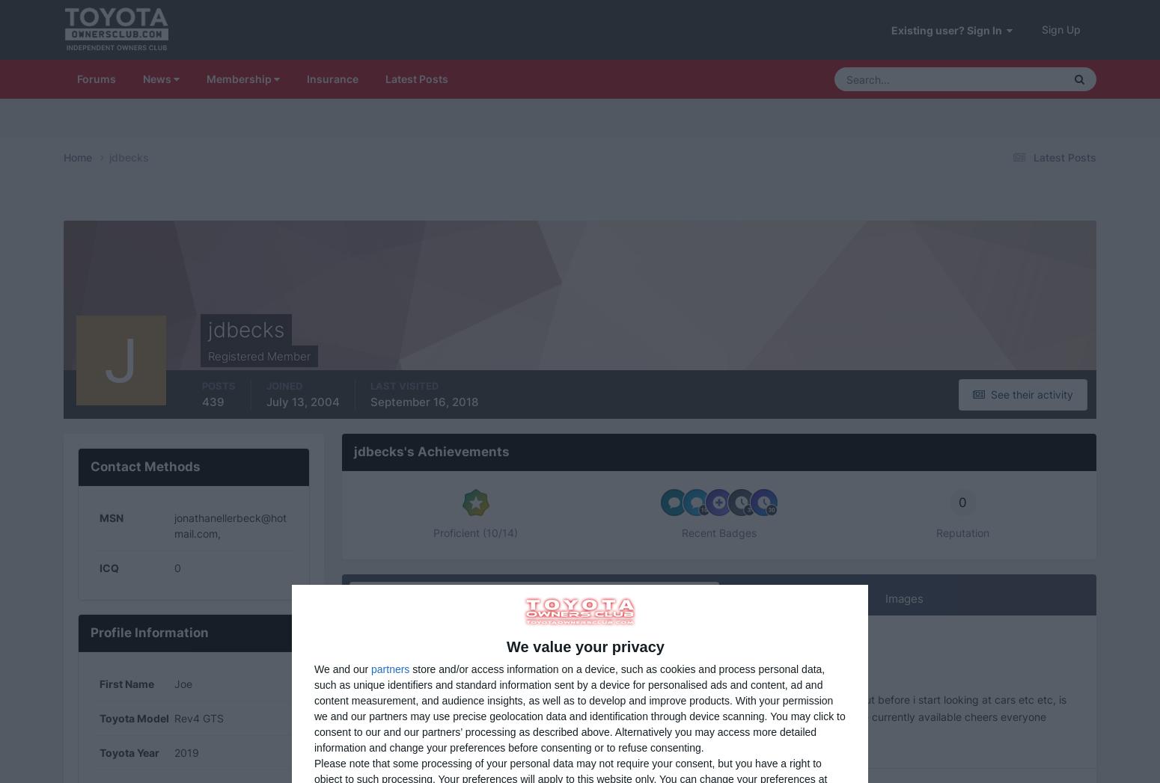 This screenshot has width=1160, height=783. What do you see at coordinates (78, 156) in the screenshot?
I see `'Home'` at bounding box center [78, 156].